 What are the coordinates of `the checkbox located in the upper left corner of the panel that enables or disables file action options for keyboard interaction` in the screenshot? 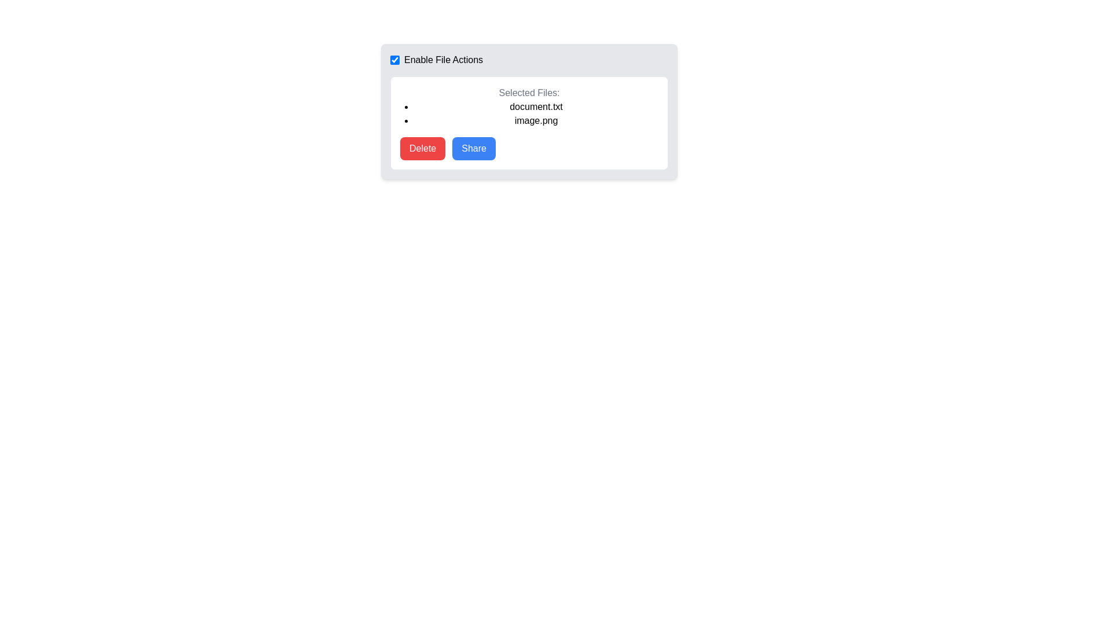 It's located at (394, 60).